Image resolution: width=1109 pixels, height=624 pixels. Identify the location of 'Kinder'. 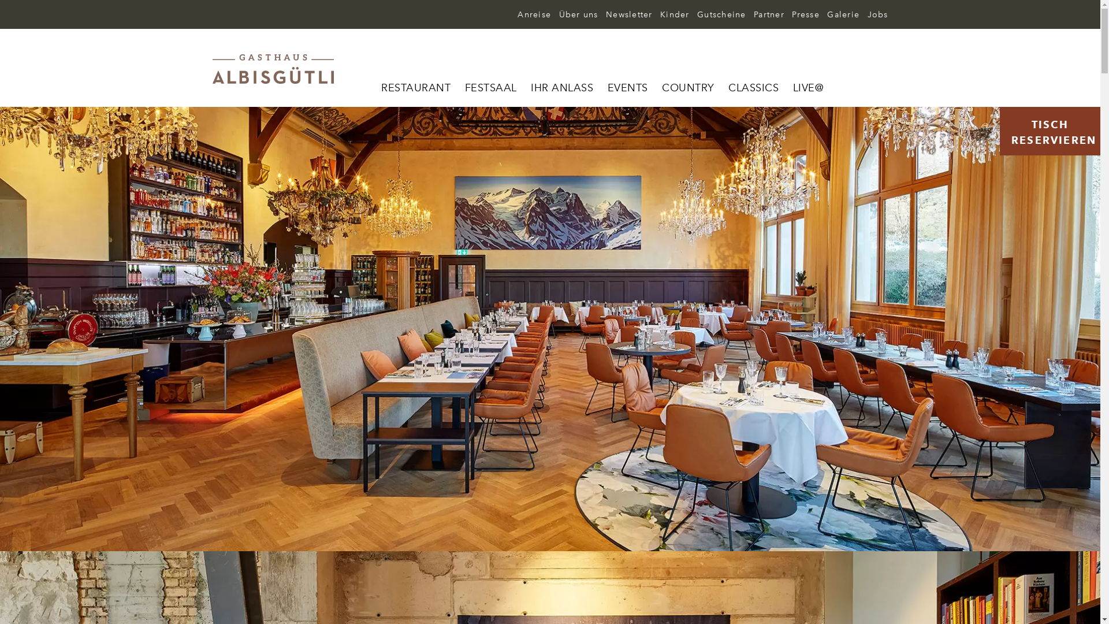
(672, 15).